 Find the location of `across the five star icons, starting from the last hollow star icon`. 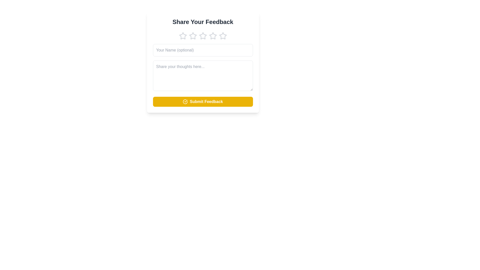

across the five star icons, starting from the last hollow star icon is located at coordinates (222, 35).